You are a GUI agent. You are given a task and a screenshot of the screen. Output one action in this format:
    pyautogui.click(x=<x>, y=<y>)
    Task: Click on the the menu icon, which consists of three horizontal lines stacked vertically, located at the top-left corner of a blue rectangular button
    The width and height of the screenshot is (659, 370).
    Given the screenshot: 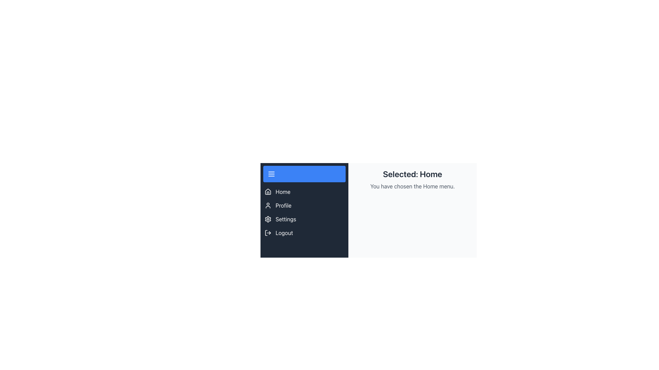 What is the action you would take?
    pyautogui.click(x=271, y=174)
    